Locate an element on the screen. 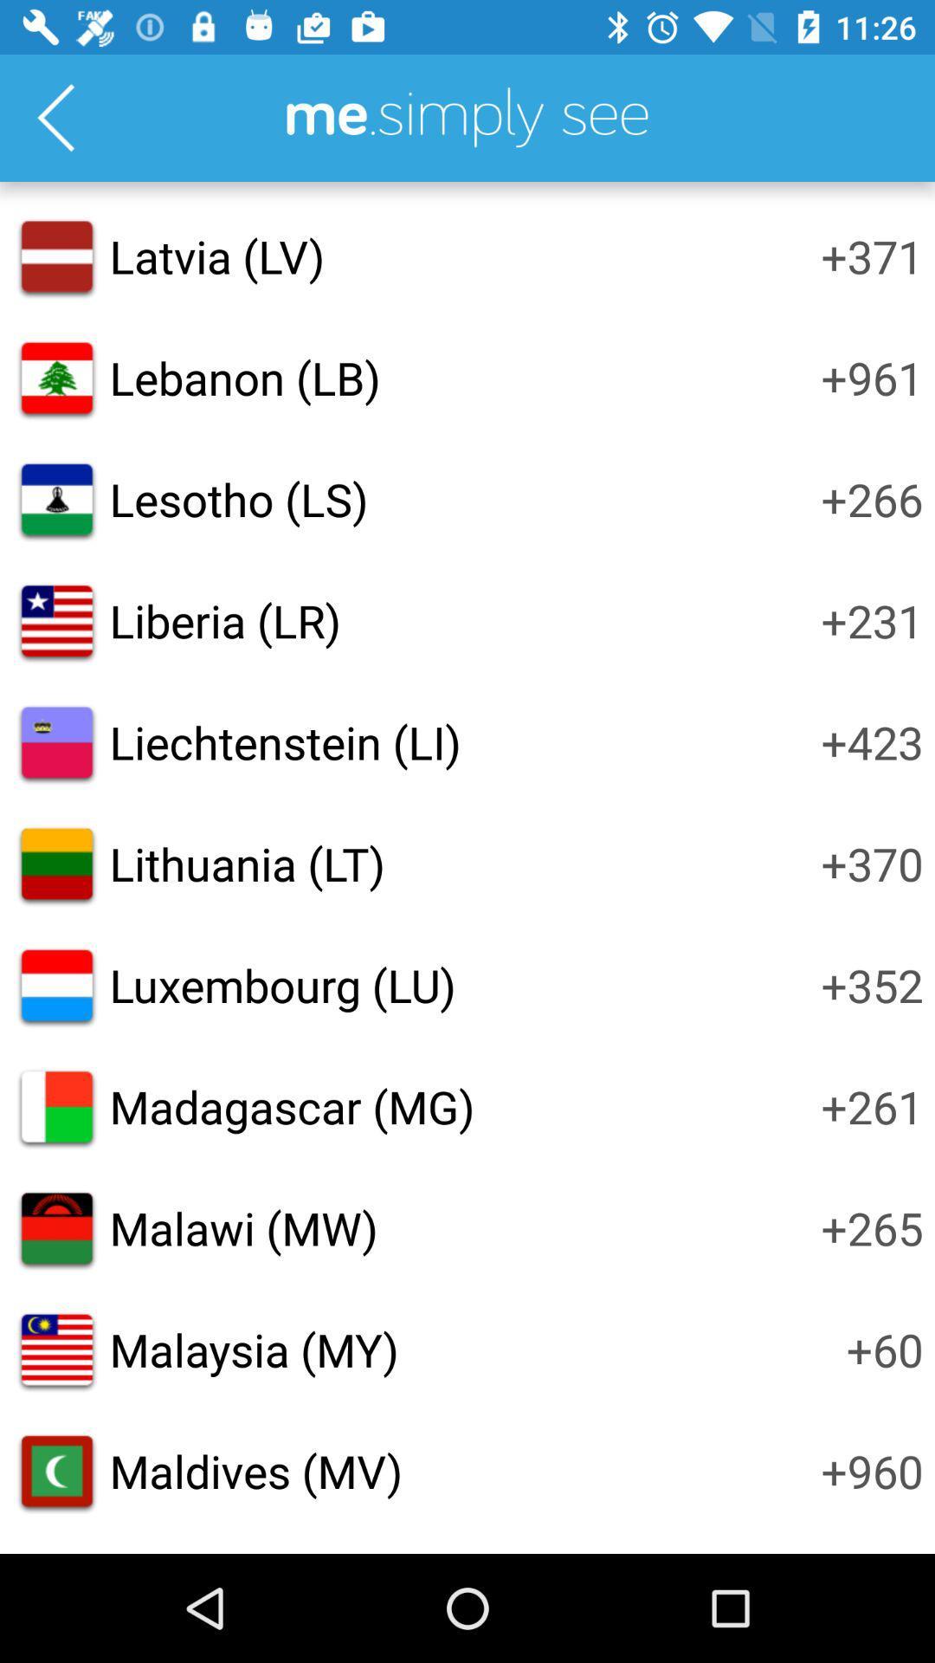  previous is located at coordinates (55, 117).